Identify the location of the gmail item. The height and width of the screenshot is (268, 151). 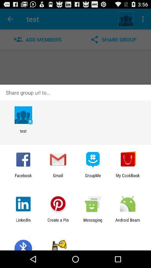
(58, 178).